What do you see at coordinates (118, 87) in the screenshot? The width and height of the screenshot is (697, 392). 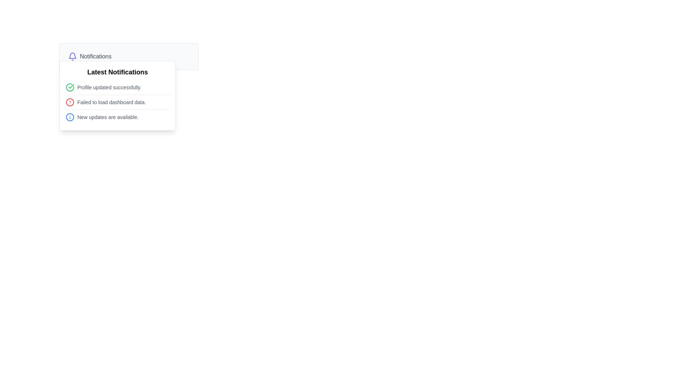 I see `the first notification item below the 'Latest Notifications' heading to interact with or dismiss the notification regarding a successful profile update` at bounding box center [118, 87].